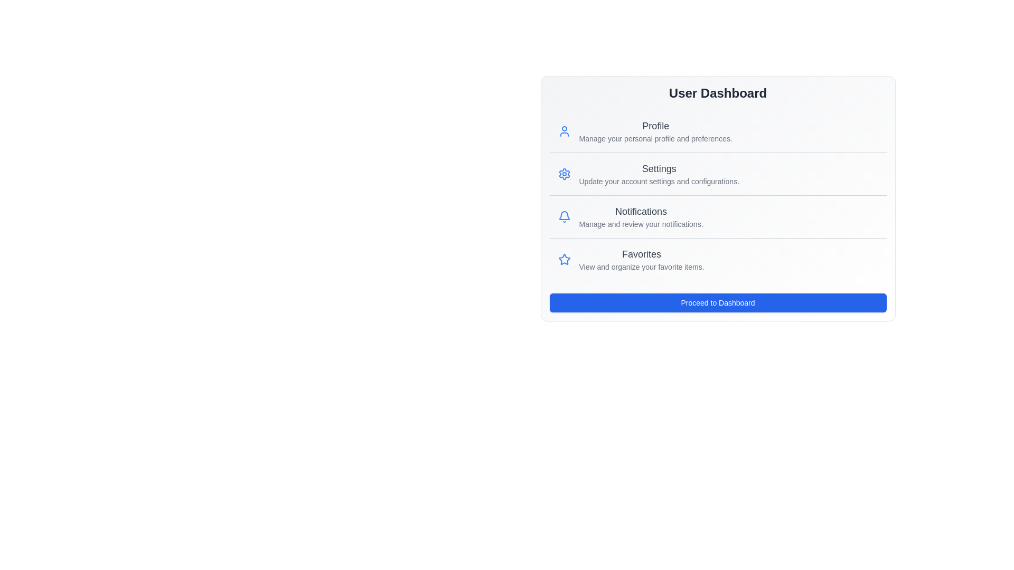 This screenshot has width=1014, height=570. I want to click on the 'Notifications' label which is styled in bold gray font with a description below it, located in the user dashboard panel as the third item from the top, so click(641, 216).